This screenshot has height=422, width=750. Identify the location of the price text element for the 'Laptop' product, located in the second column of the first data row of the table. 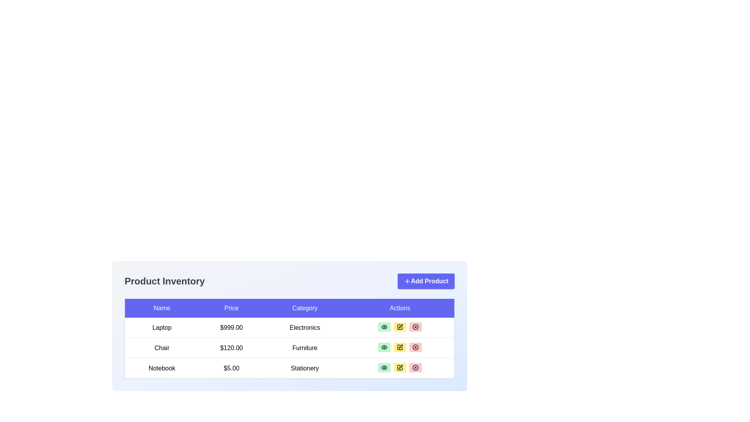
(231, 327).